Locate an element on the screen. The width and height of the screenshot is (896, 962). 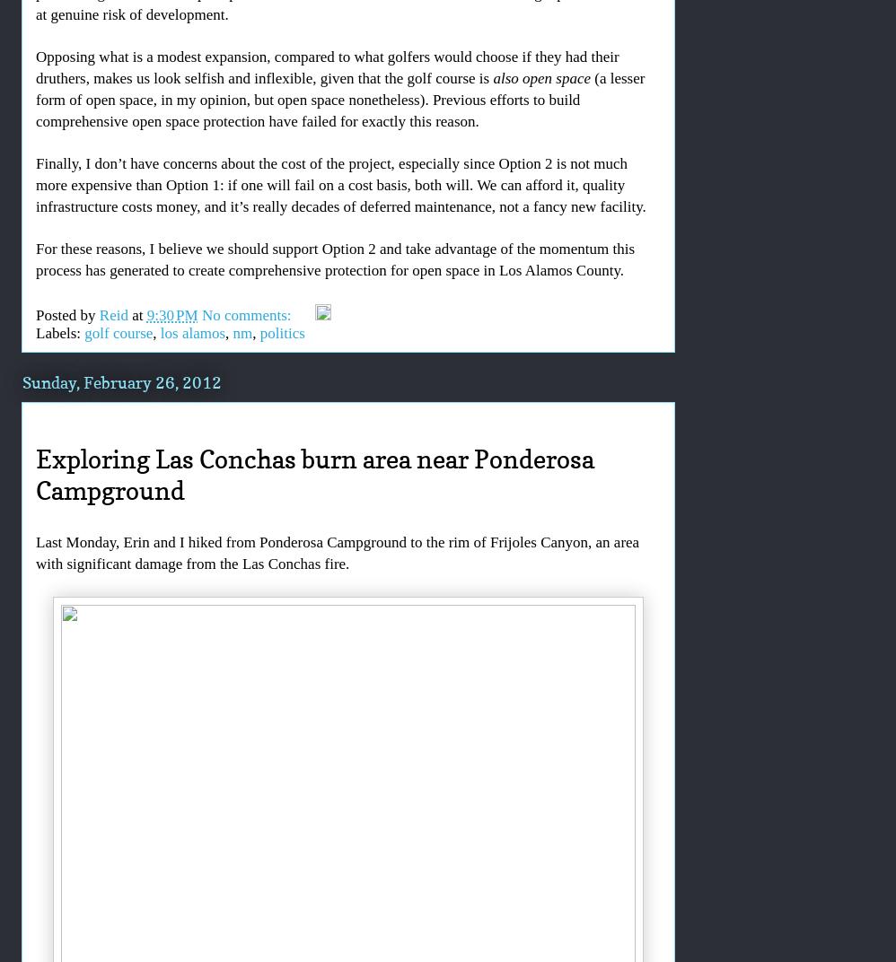
'Opposing what is a modest expansion, compared to what golfers would choose if they had their druthers, makes us look selfish and inflexible, given that the golf course is' is located at coordinates (326, 67).